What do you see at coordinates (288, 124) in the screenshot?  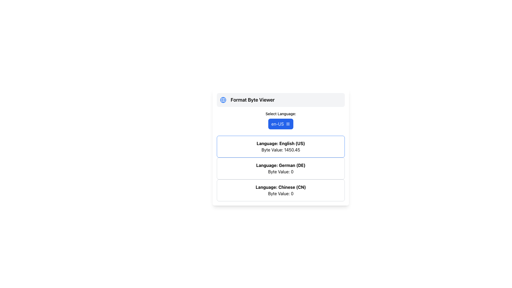 I see `the hamburger menu icon located to the immediate right of the 'en-US' text label within the blue rounded rectangle button` at bounding box center [288, 124].